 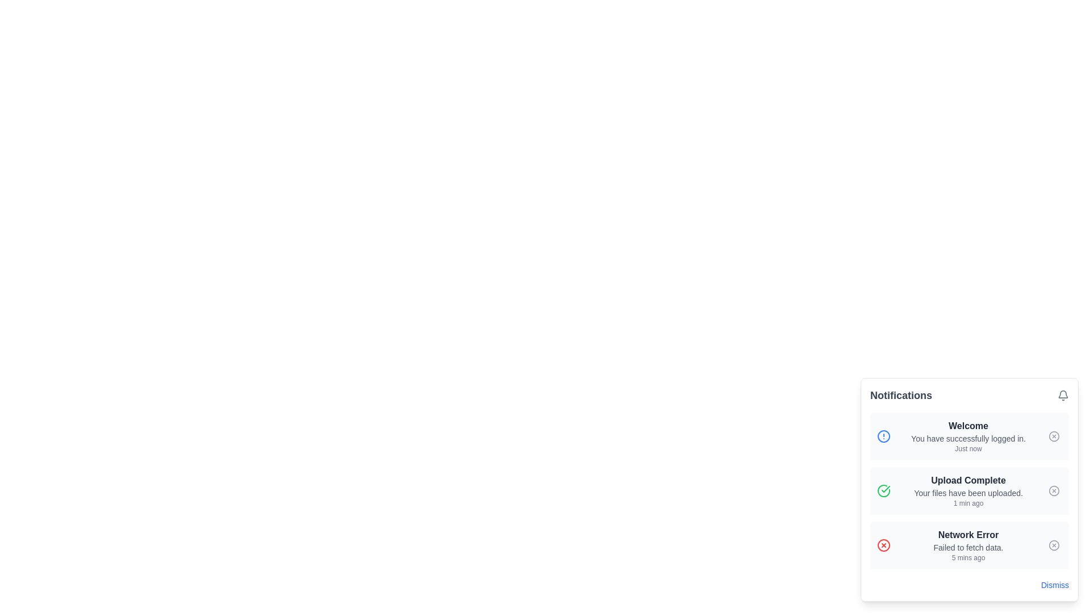 What do you see at coordinates (883, 490) in the screenshot?
I see `the completed status icon that indicates the successful upload of files, located in the notification card with the title 'Upload Complete'` at bounding box center [883, 490].